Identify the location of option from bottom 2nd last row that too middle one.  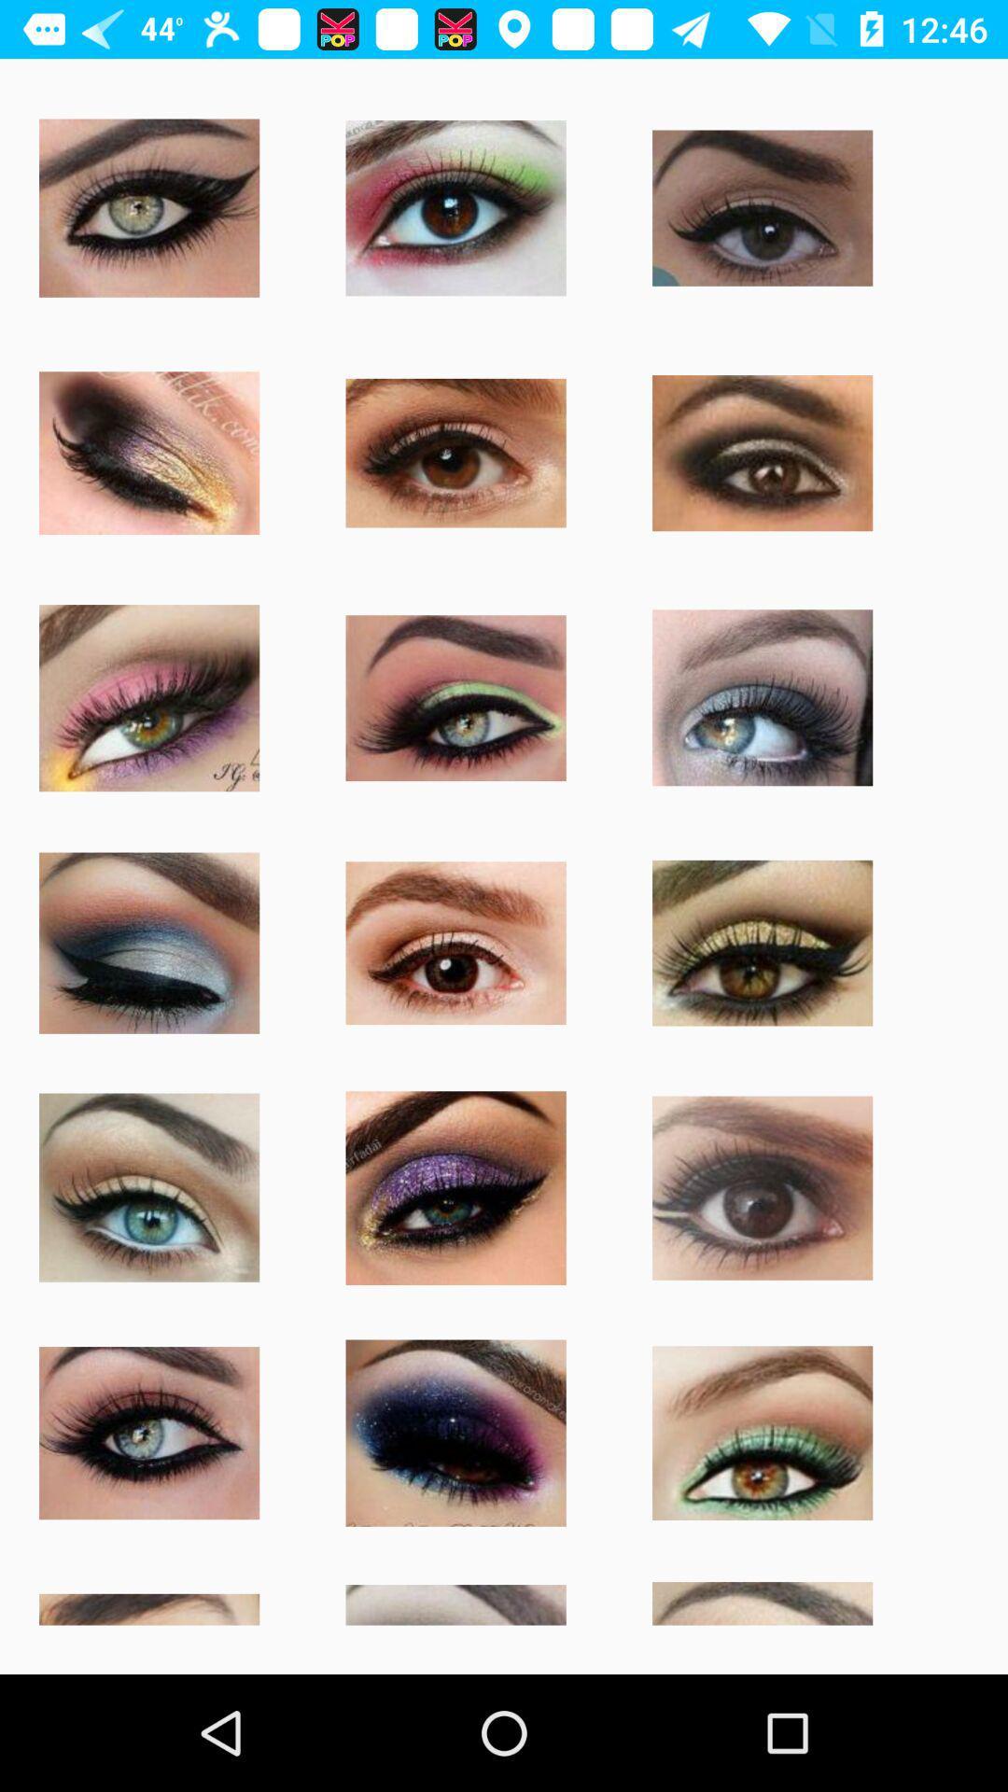
(456, 1433).